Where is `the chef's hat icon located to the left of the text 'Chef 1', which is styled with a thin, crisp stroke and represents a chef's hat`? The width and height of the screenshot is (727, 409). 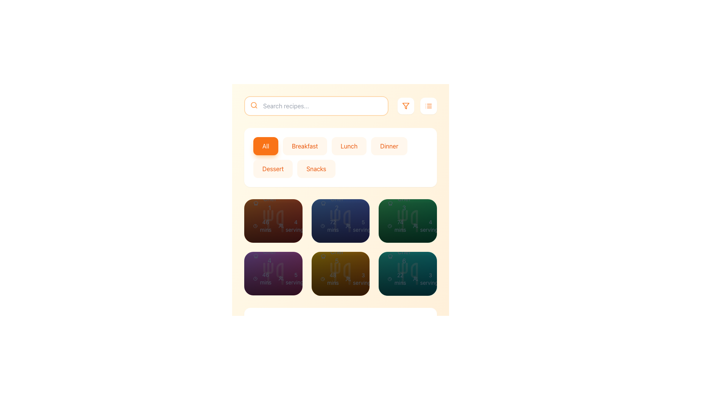
the chef's hat icon located to the left of the text 'Chef 1', which is styled with a thin, crisp stroke and represents a chef's hat is located at coordinates (256, 203).